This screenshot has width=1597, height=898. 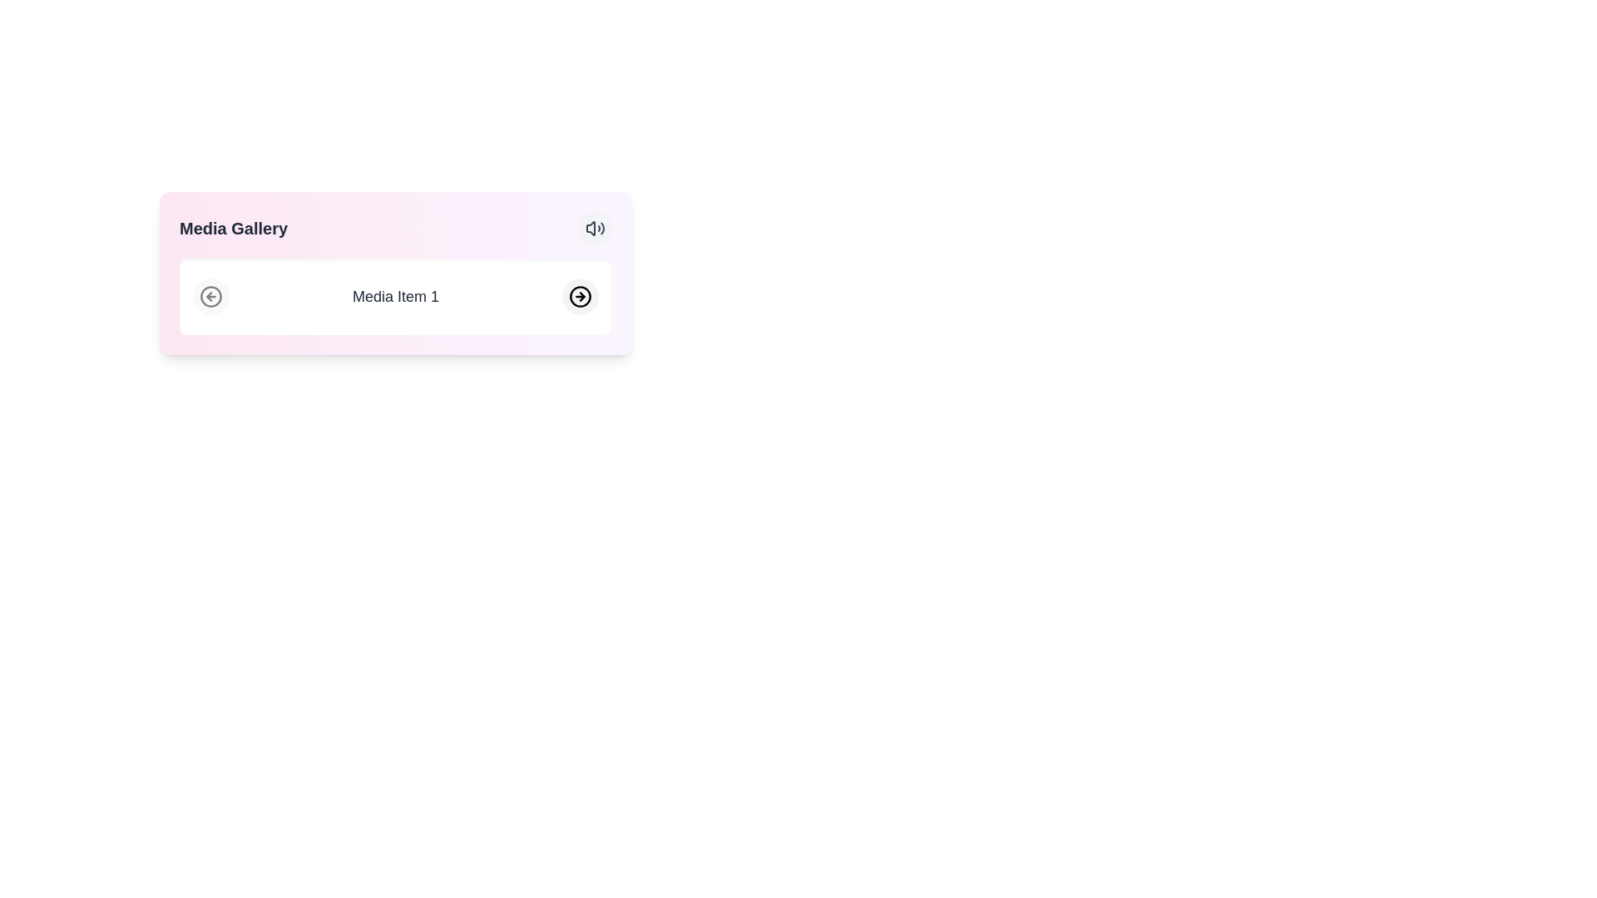 I want to click on the circular audio control button with a light gray background located in the upper-right corner of the 'Media Gallery' section, so click(x=595, y=228).